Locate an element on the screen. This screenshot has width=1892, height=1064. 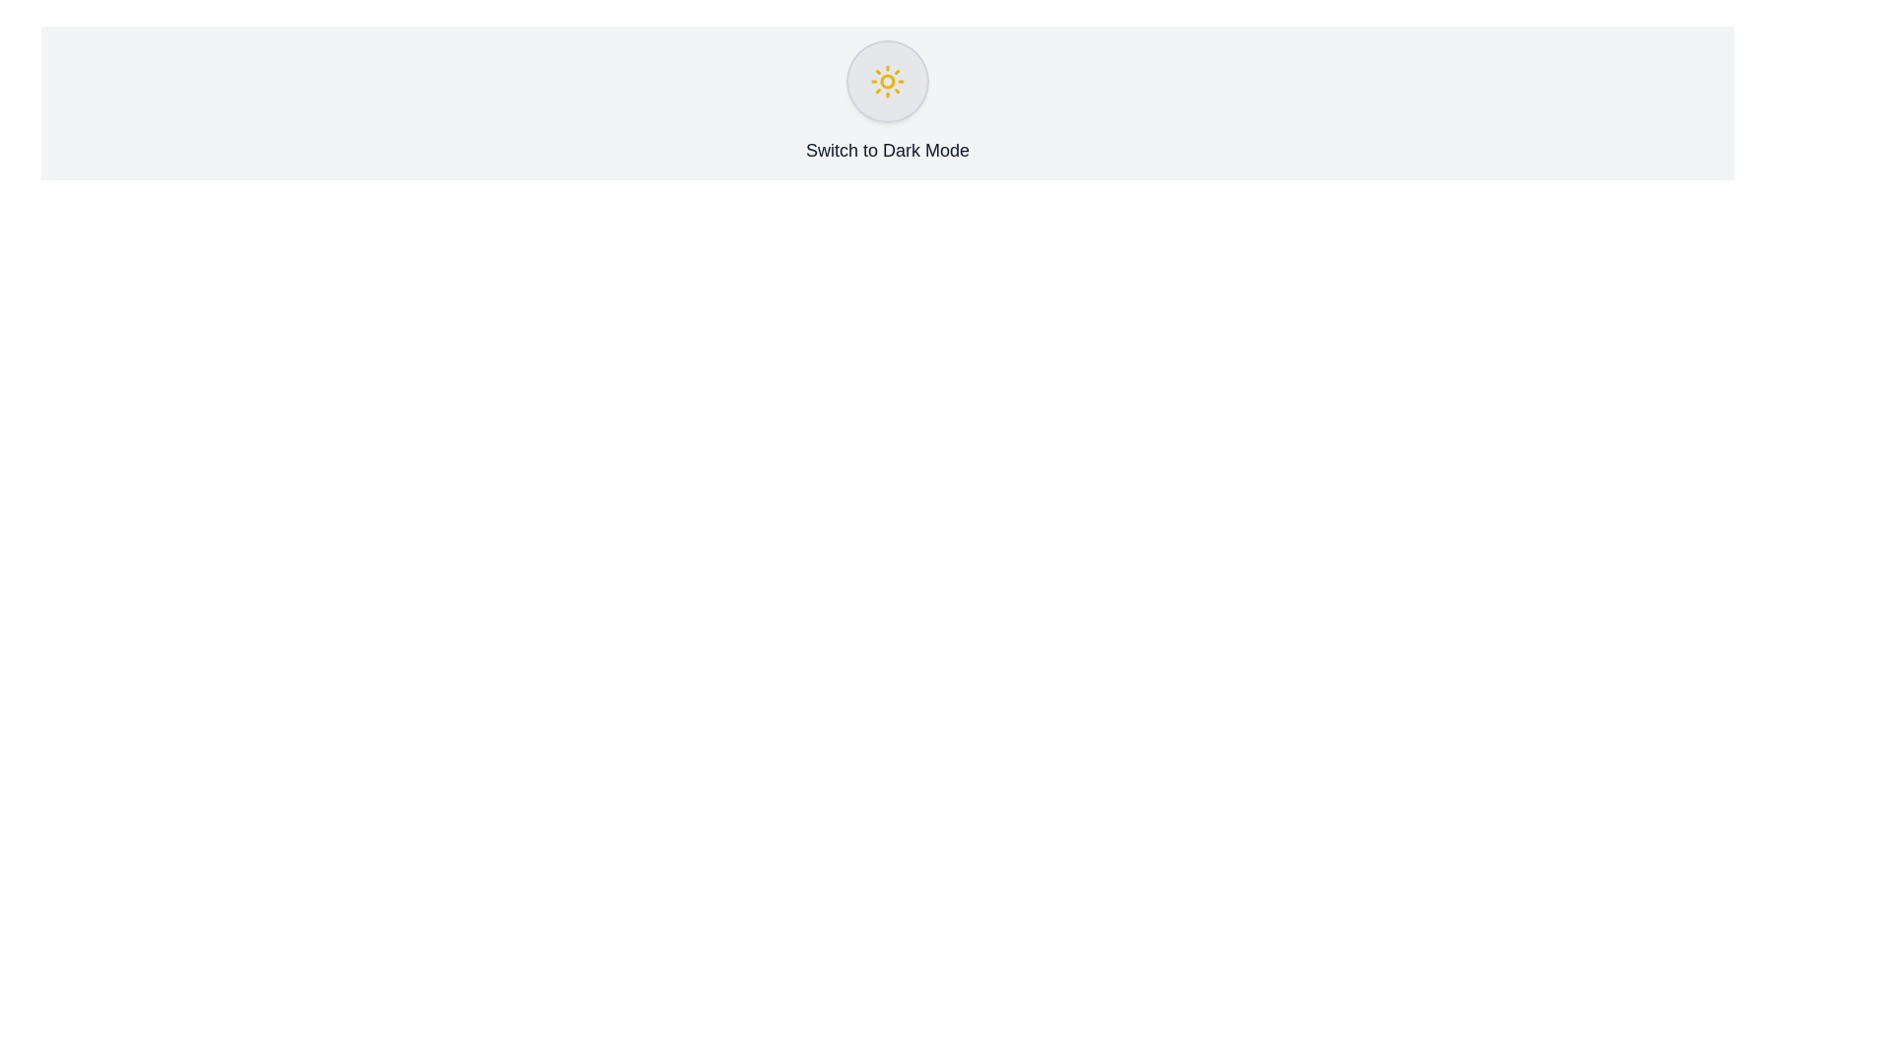
the small, centered circular shape within the sun icon, which is characterized by a bright yellow color and located just above the 'Switch to Dark Mode' text is located at coordinates (887, 81).